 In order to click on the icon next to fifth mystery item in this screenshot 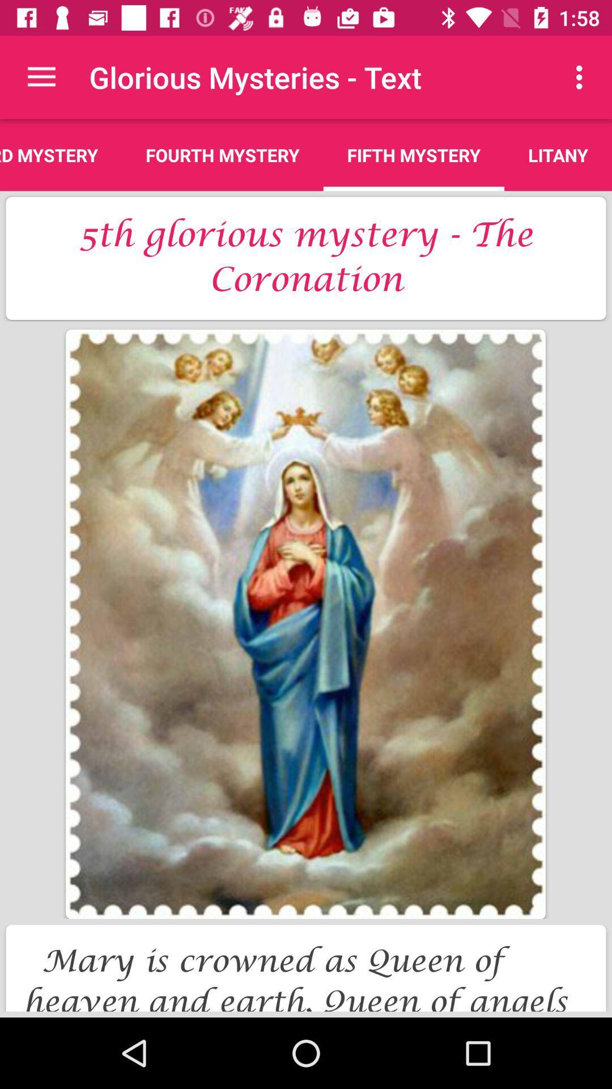, I will do `click(223, 154)`.